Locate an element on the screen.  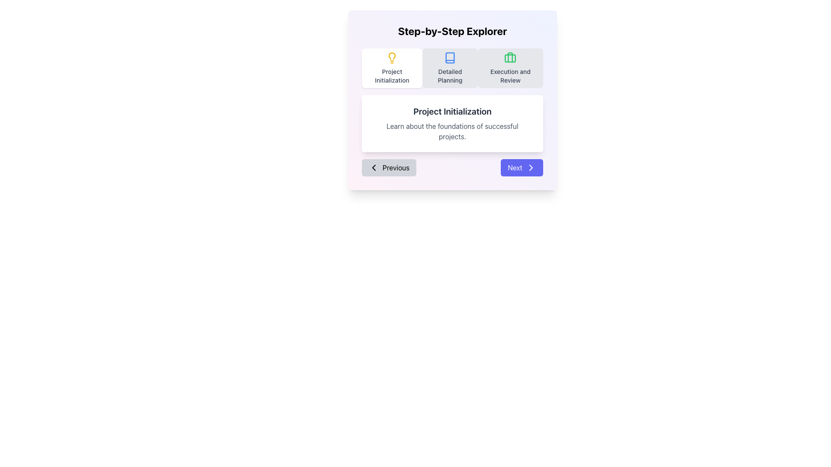
the gray 'Previous' button with rounded corners, which is located at the bottom left of the panel is located at coordinates (389, 168).